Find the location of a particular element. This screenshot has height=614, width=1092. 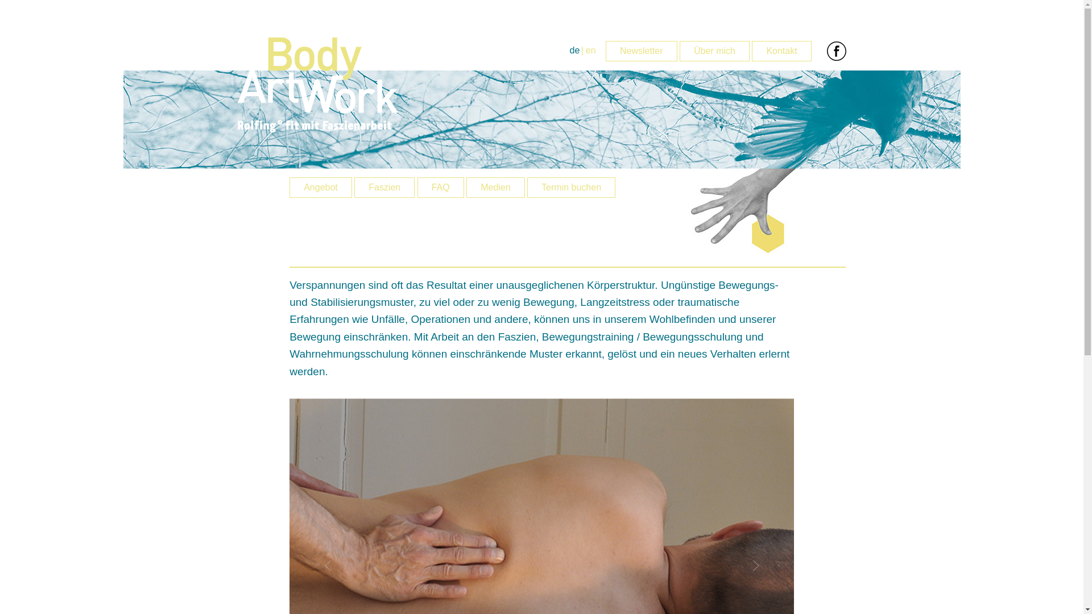

'FAQ' is located at coordinates (440, 187).